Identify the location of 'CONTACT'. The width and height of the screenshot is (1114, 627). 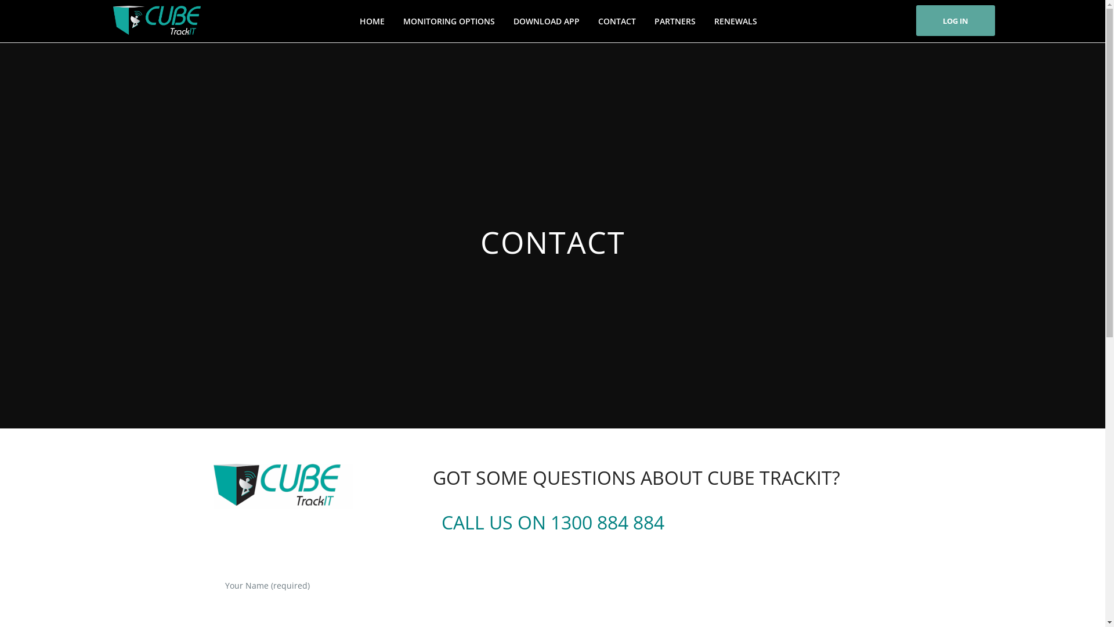
(616, 21).